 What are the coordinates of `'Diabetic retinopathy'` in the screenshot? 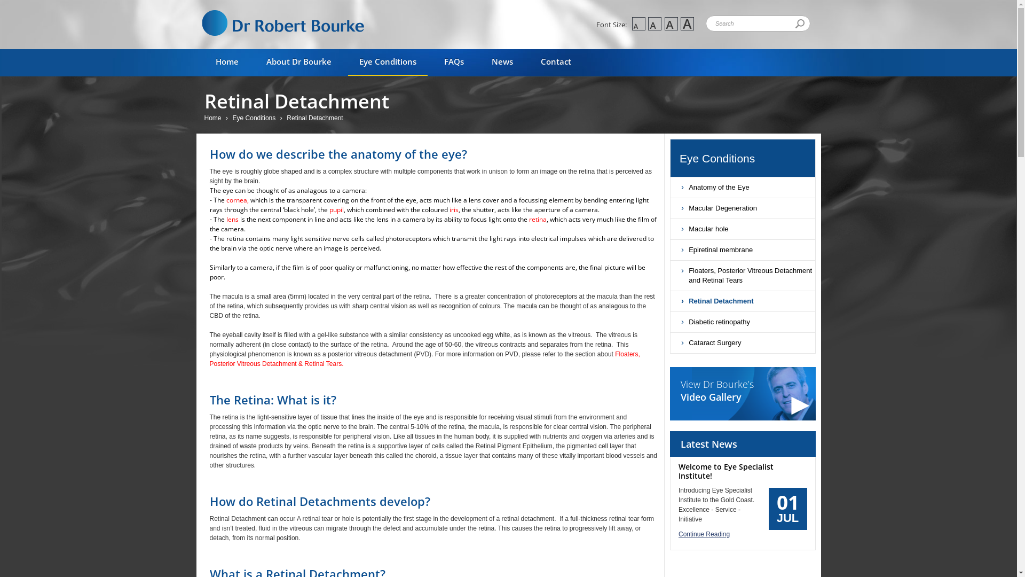 It's located at (742, 321).